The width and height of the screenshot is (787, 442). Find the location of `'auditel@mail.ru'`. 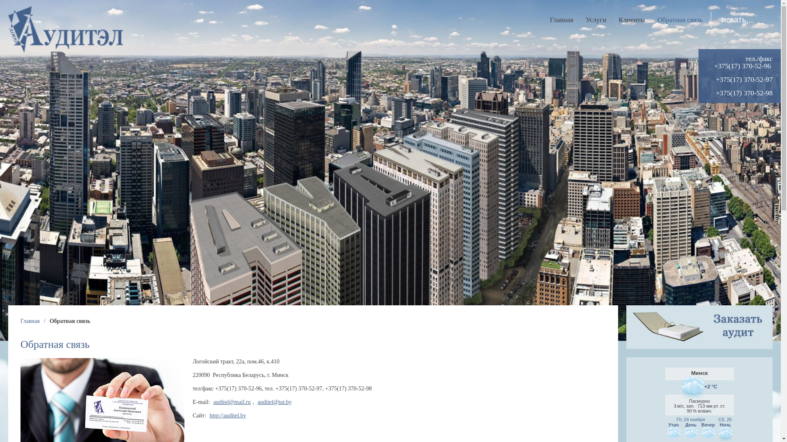

'auditel@mail.ru' is located at coordinates (232, 401).